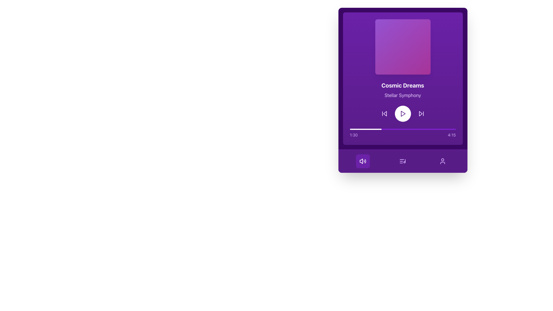 This screenshot has height=311, width=553. I want to click on the speaker icon with sound waves located in the bottom navigation bar, which is the first icon from the left, to mute or unmute the audio, so click(361, 161).